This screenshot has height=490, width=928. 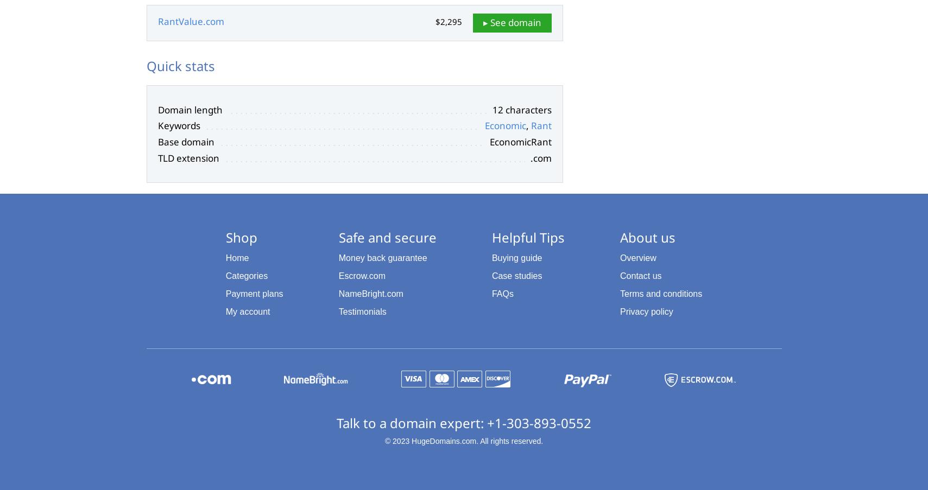 I want to click on 'Talk to a domain expert:', so click(x=411, y=422).